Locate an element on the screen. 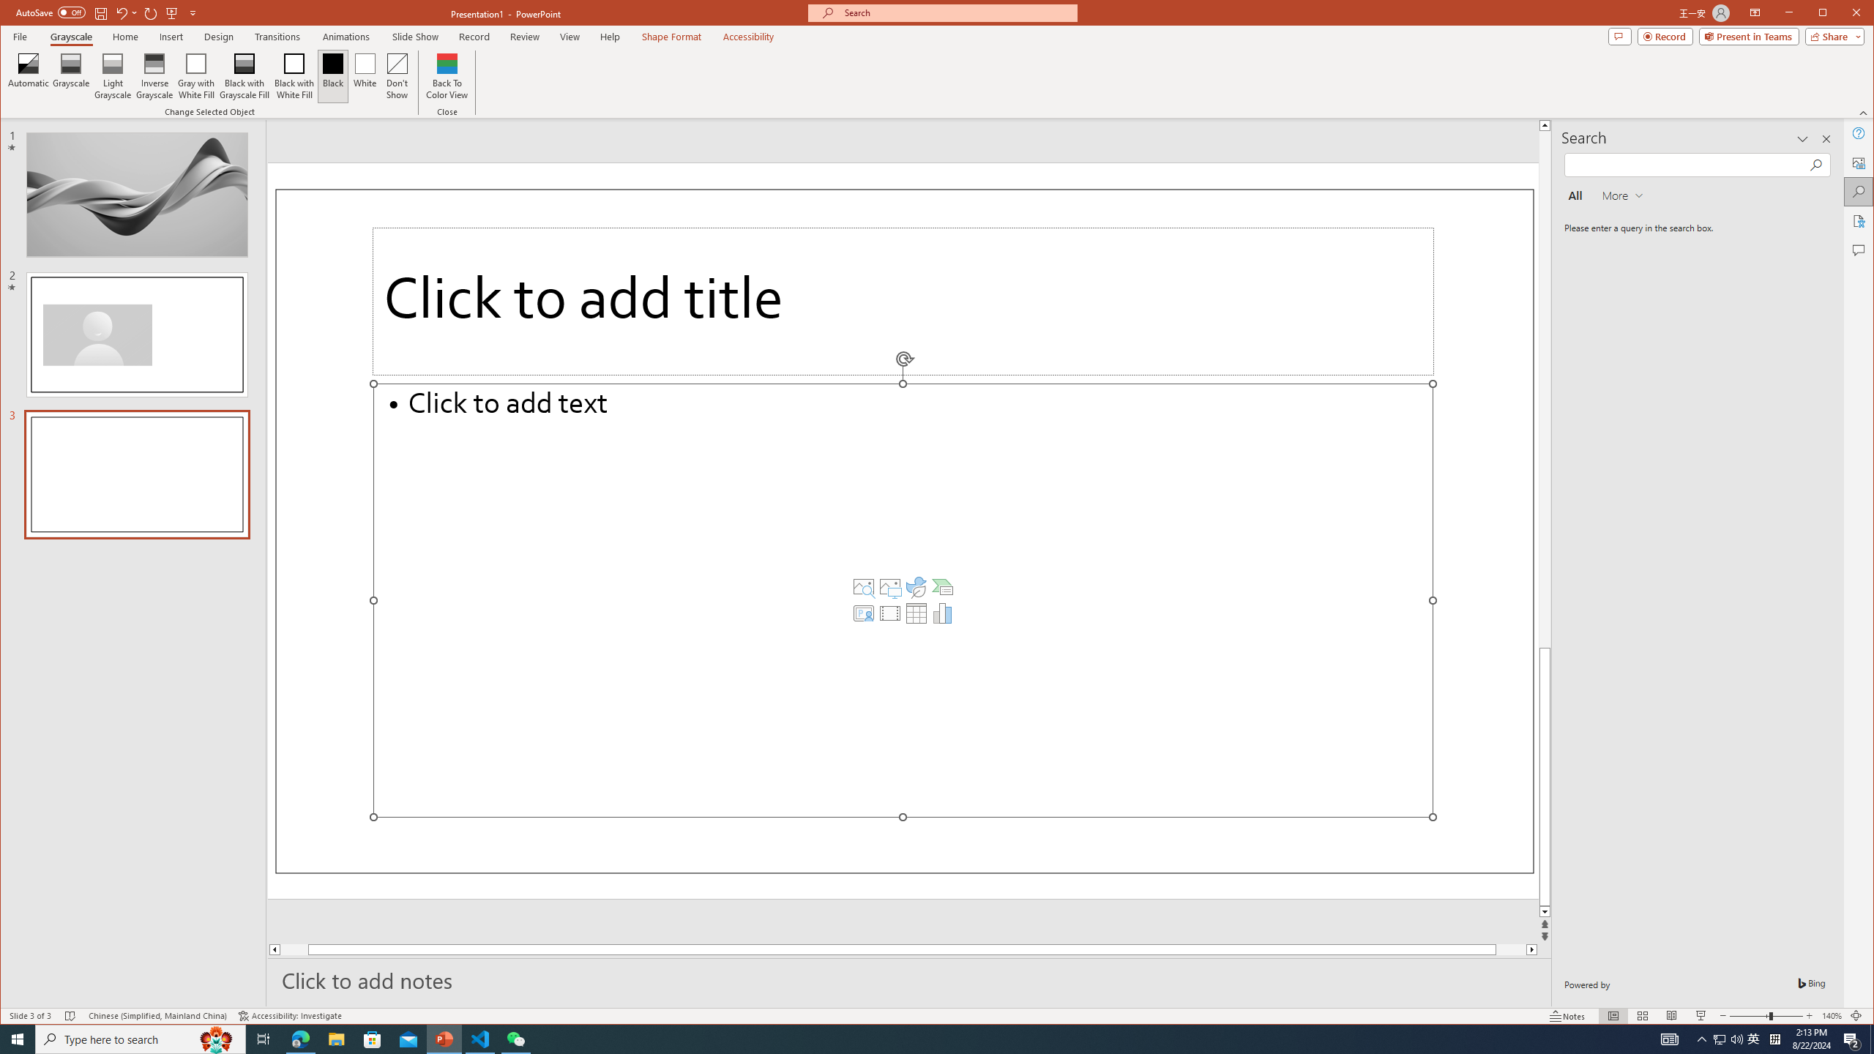 Image resolution: width=1874 pixels, height=1054 pixels. 'Black with Grayscale Fill' is located at coordinates (244, 75).